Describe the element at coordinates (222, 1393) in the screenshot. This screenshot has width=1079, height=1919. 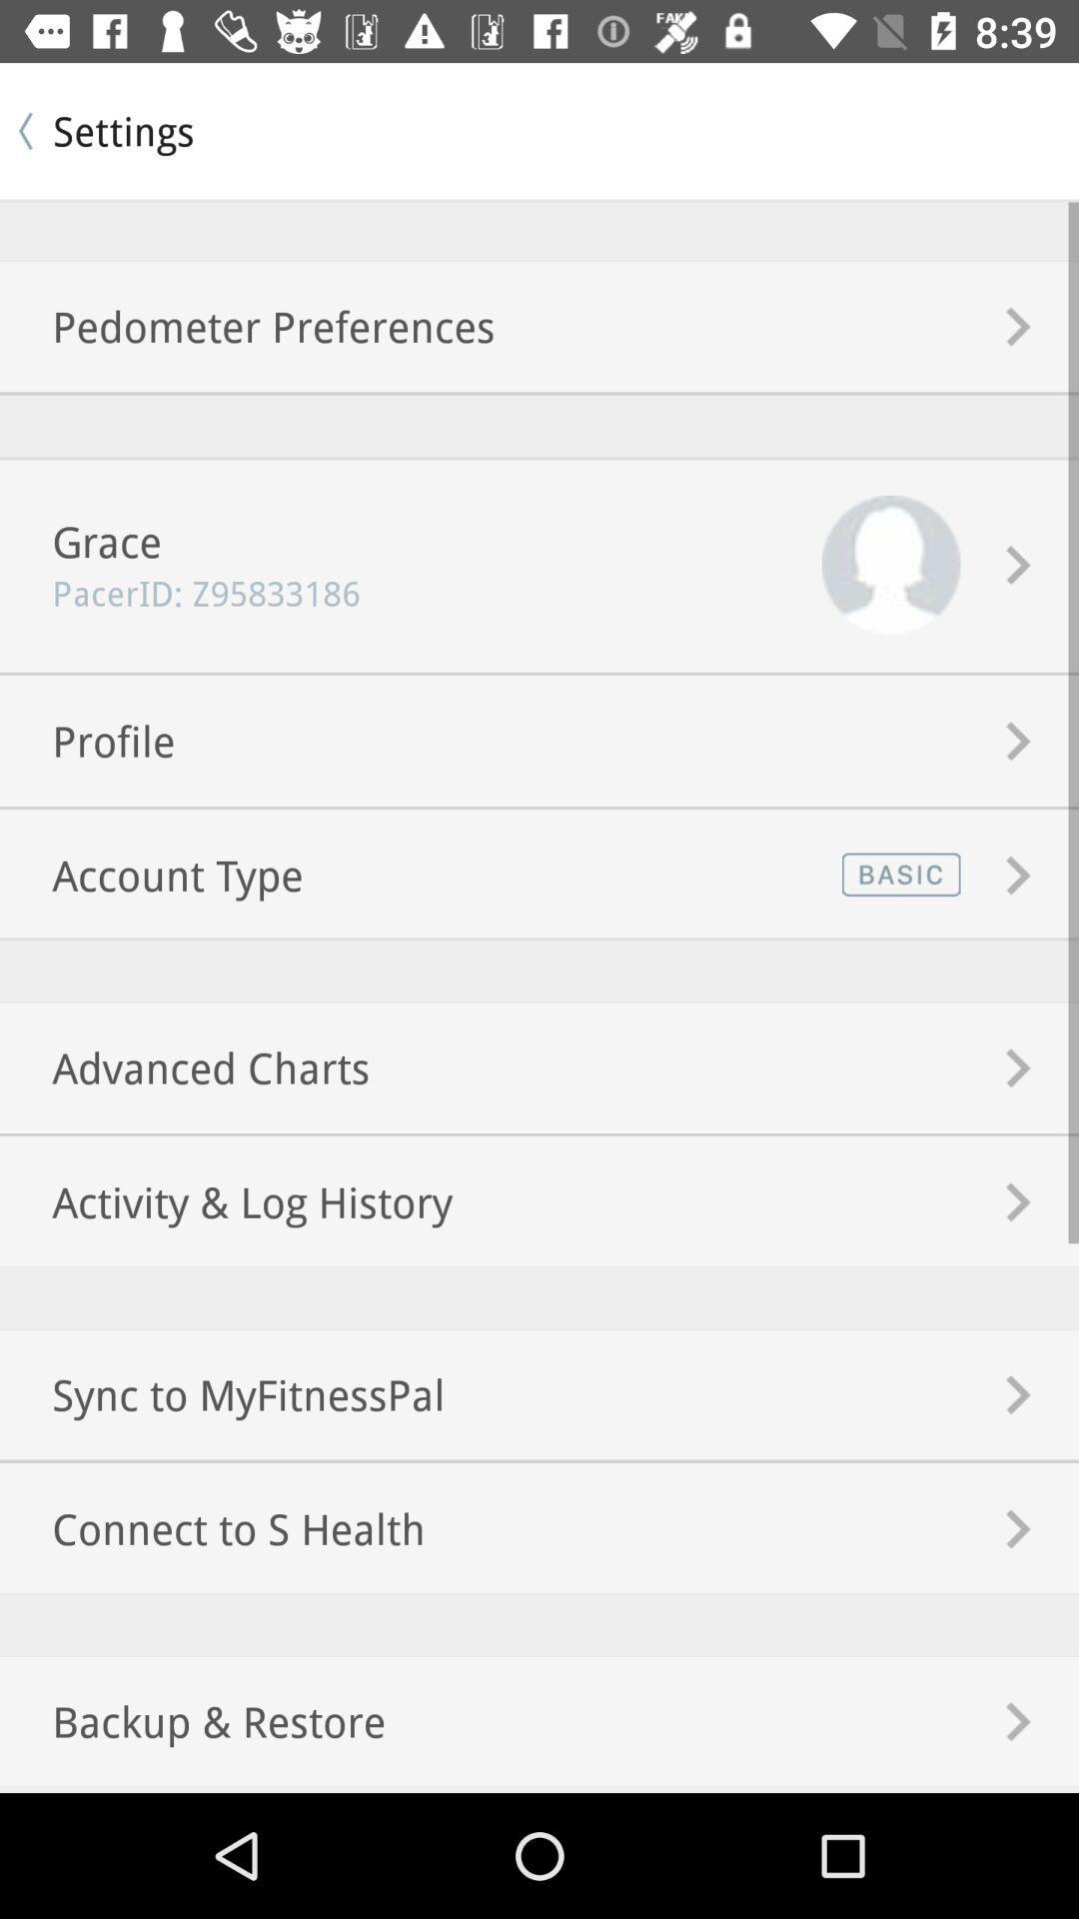
I see `the sync to myfitnesspal icon` at that location.